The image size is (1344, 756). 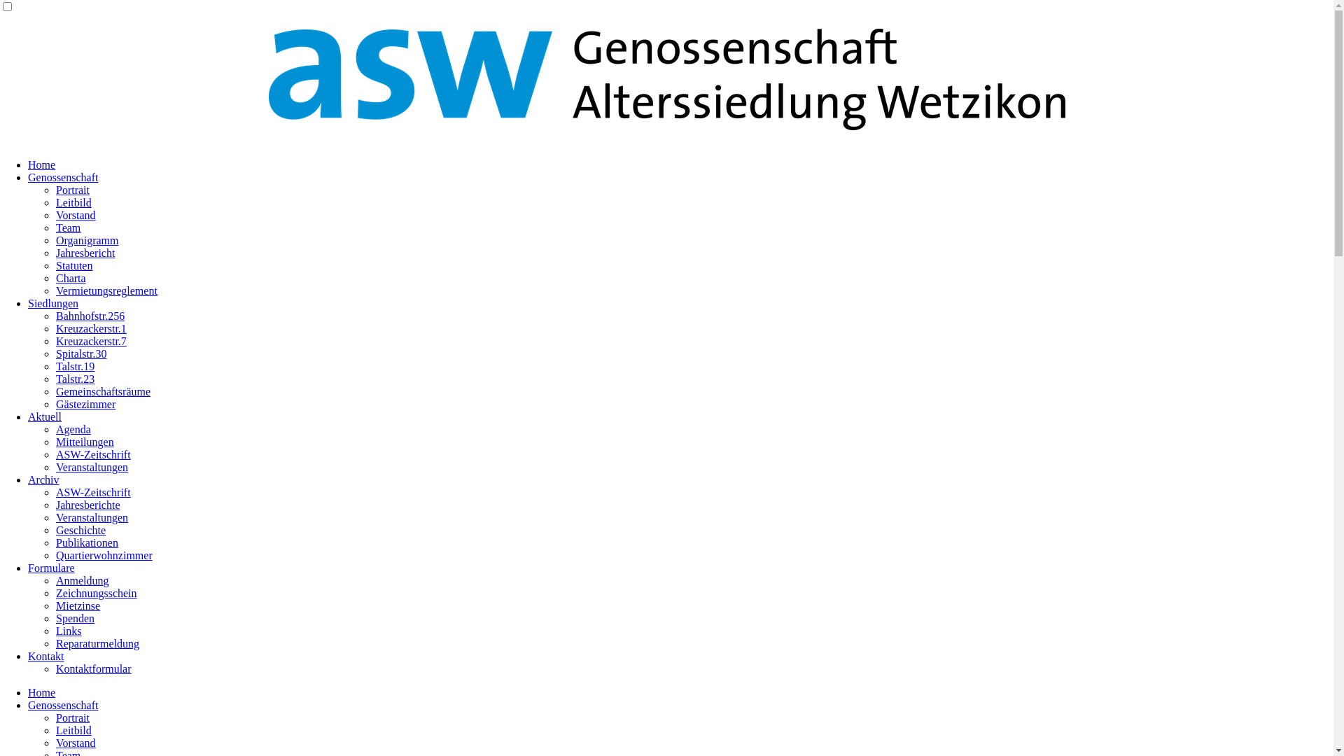 I want to click on 'Siedlungen', so click(x=53, y=302).